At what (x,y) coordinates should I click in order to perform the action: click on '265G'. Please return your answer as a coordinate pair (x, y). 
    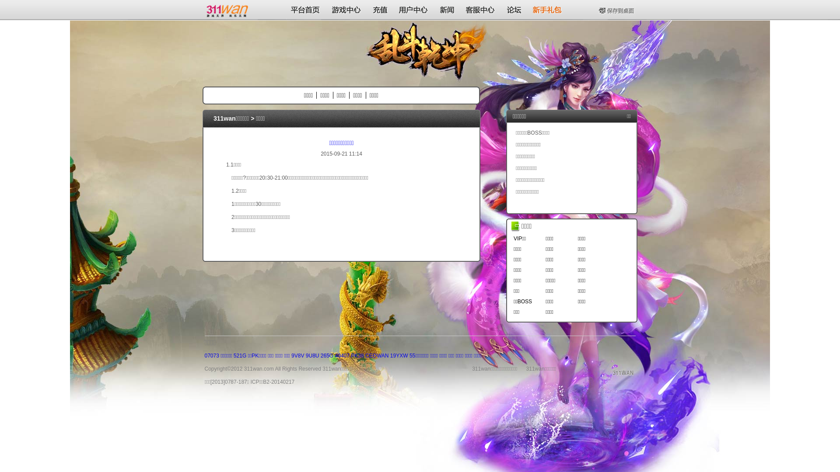
    Looking at the image, I should click on (326, 355).